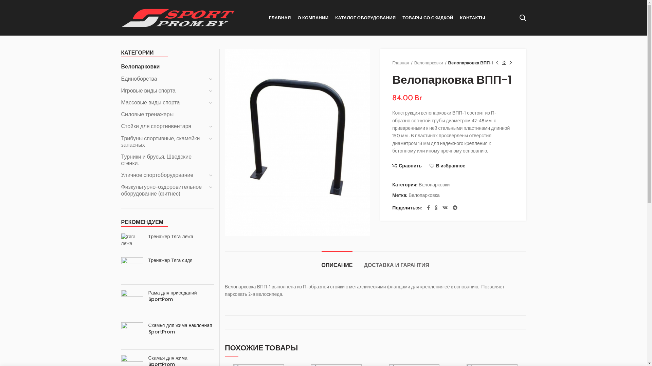 This screenshot has width=652, height=366. I want to click on 'Facebook', so click(127, 326).